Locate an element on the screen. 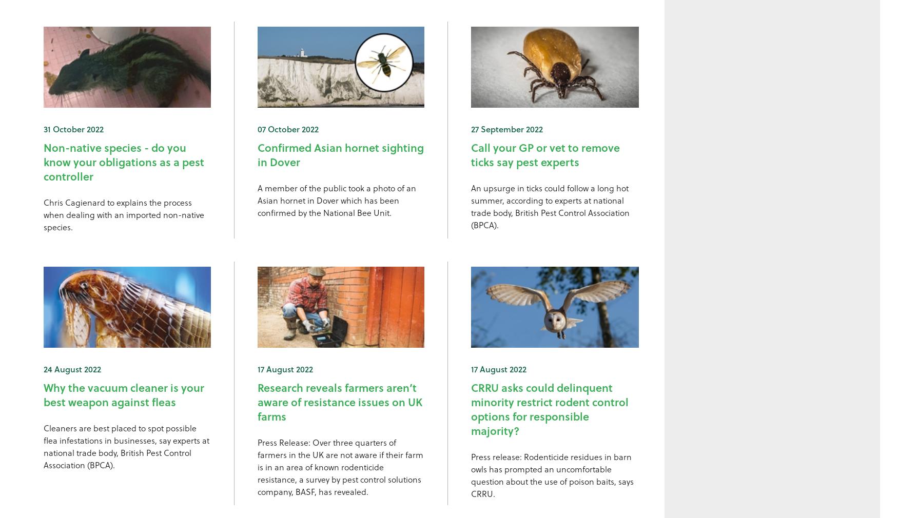  'Confirmed Asian hornet sighting in Dover' is located at coordinates (340, 154).